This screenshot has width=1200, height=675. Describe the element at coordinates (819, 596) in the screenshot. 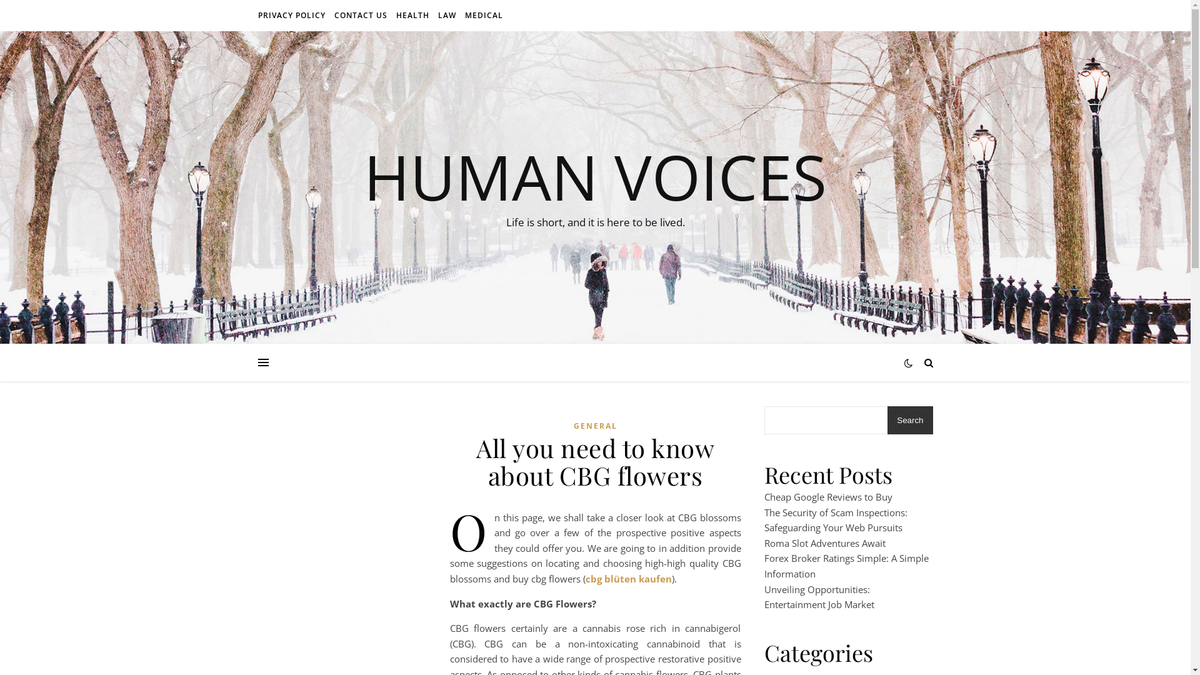

I see `'Unveiling Opportunities: Entertainment Job Market'` at that location.